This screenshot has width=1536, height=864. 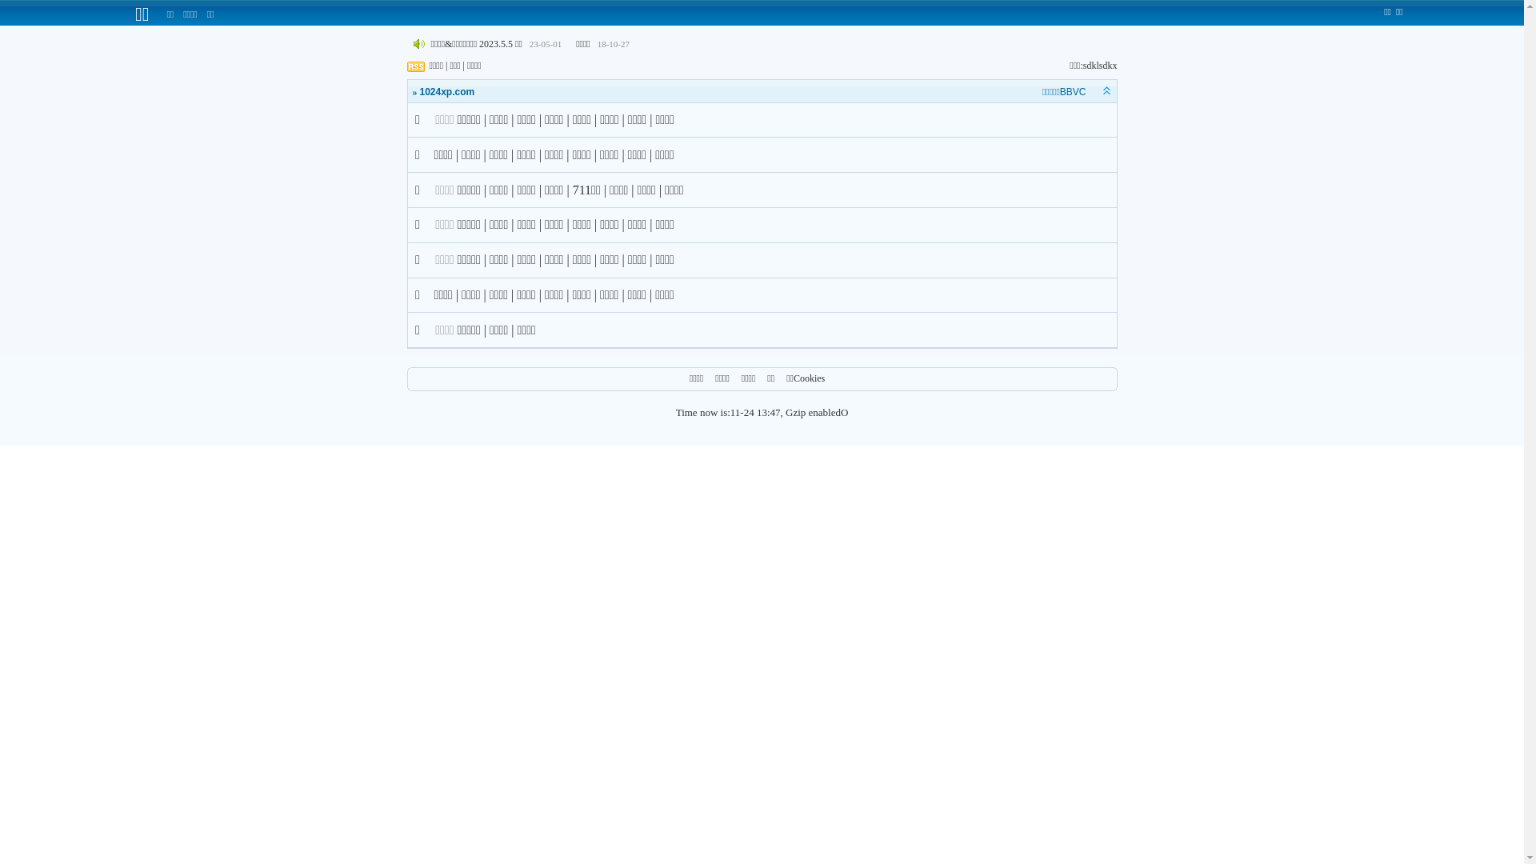 I want to click on 'sdklsdkx', so click(x=1099, y=64).